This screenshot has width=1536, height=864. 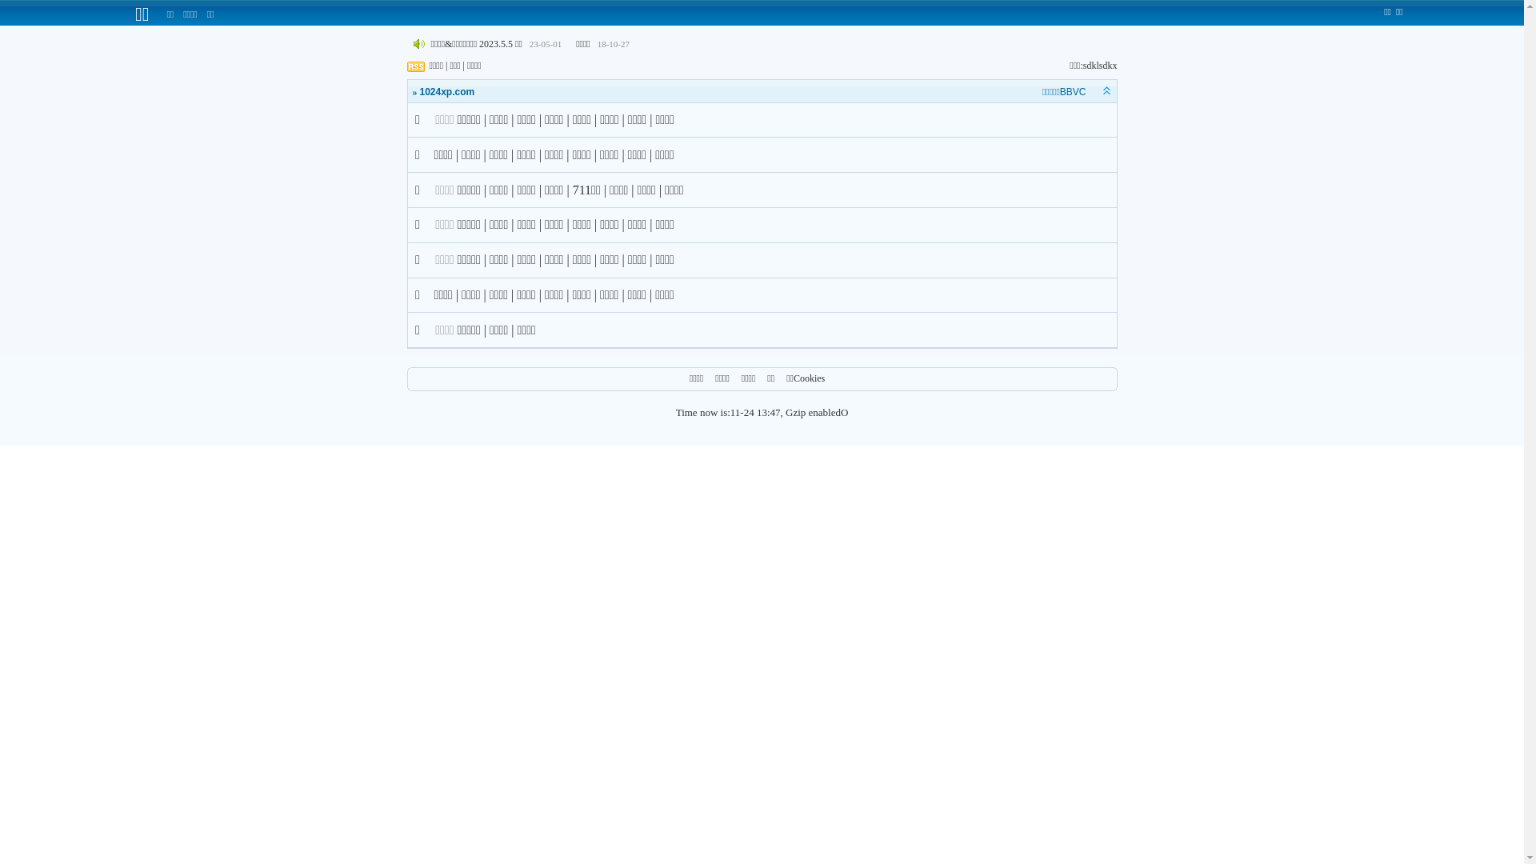 I want to click on 'sdklsdkx', so click(x=1099, y=64).